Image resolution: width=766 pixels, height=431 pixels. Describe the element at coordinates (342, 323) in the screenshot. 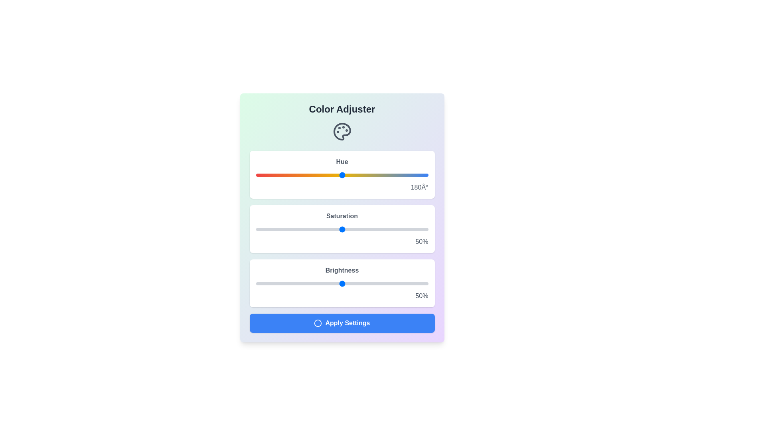

I see `the 'Apply Settings' button to apply the selected color settings` at that location.